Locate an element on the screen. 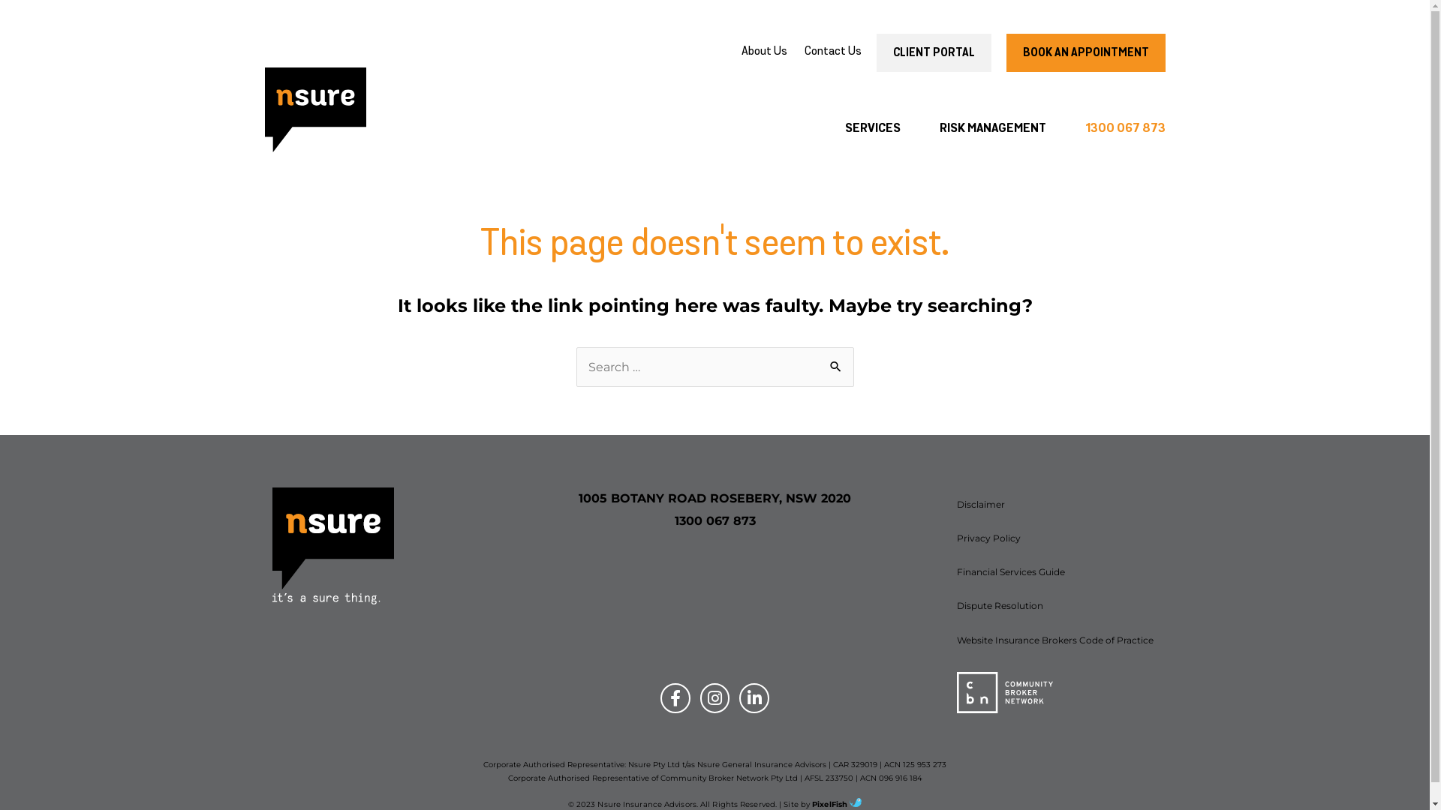 This screenshot has height=810, width=1441. 'Website Insurance Brokers Code of Practice' is located at coordinates (1055, 640).